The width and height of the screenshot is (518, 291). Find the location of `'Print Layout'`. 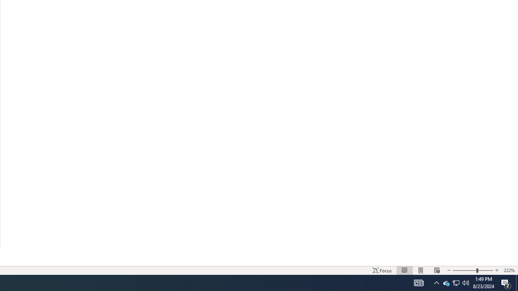

'Print Layout' is located at coordinates (421, 270).